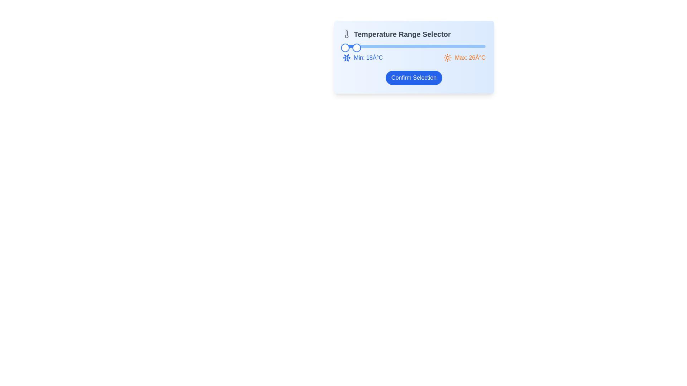  Describe the element at coordinates (404, 48) in the screenshot. I see `the left slider knob` at that location.